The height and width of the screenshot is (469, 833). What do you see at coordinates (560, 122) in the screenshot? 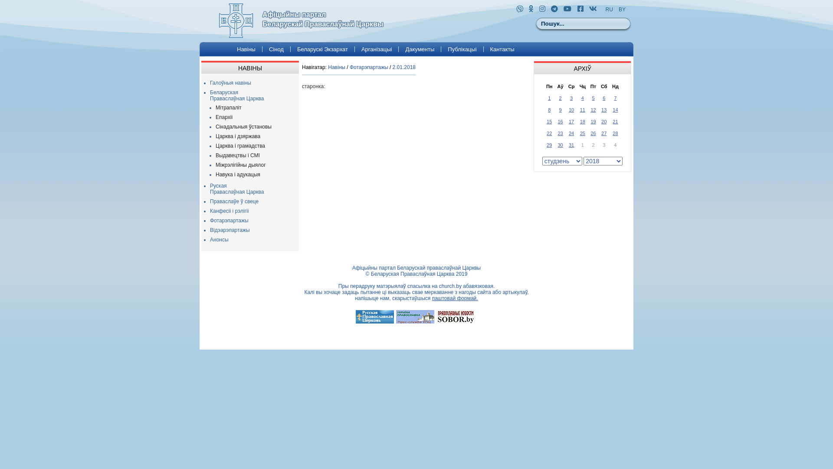
I see `'16'` at bounding box center [560, 122].